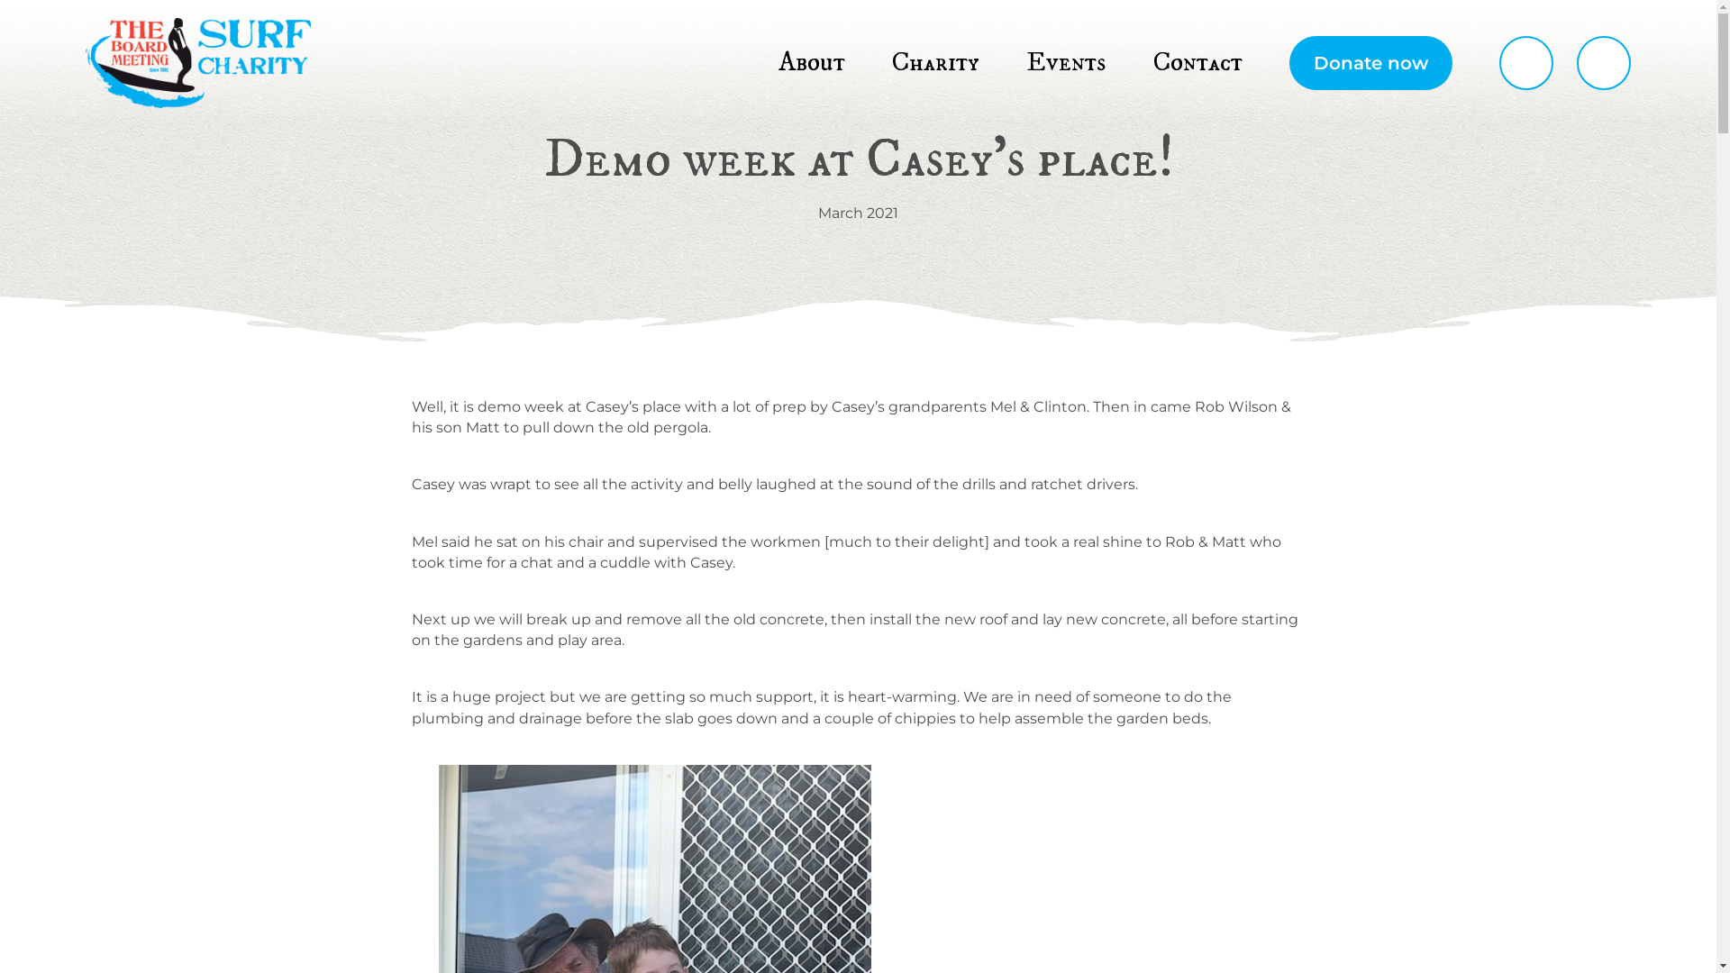  Describe the element at coordinates (1370, 61) in the screenshot. I see `'Donate now'` at that location.